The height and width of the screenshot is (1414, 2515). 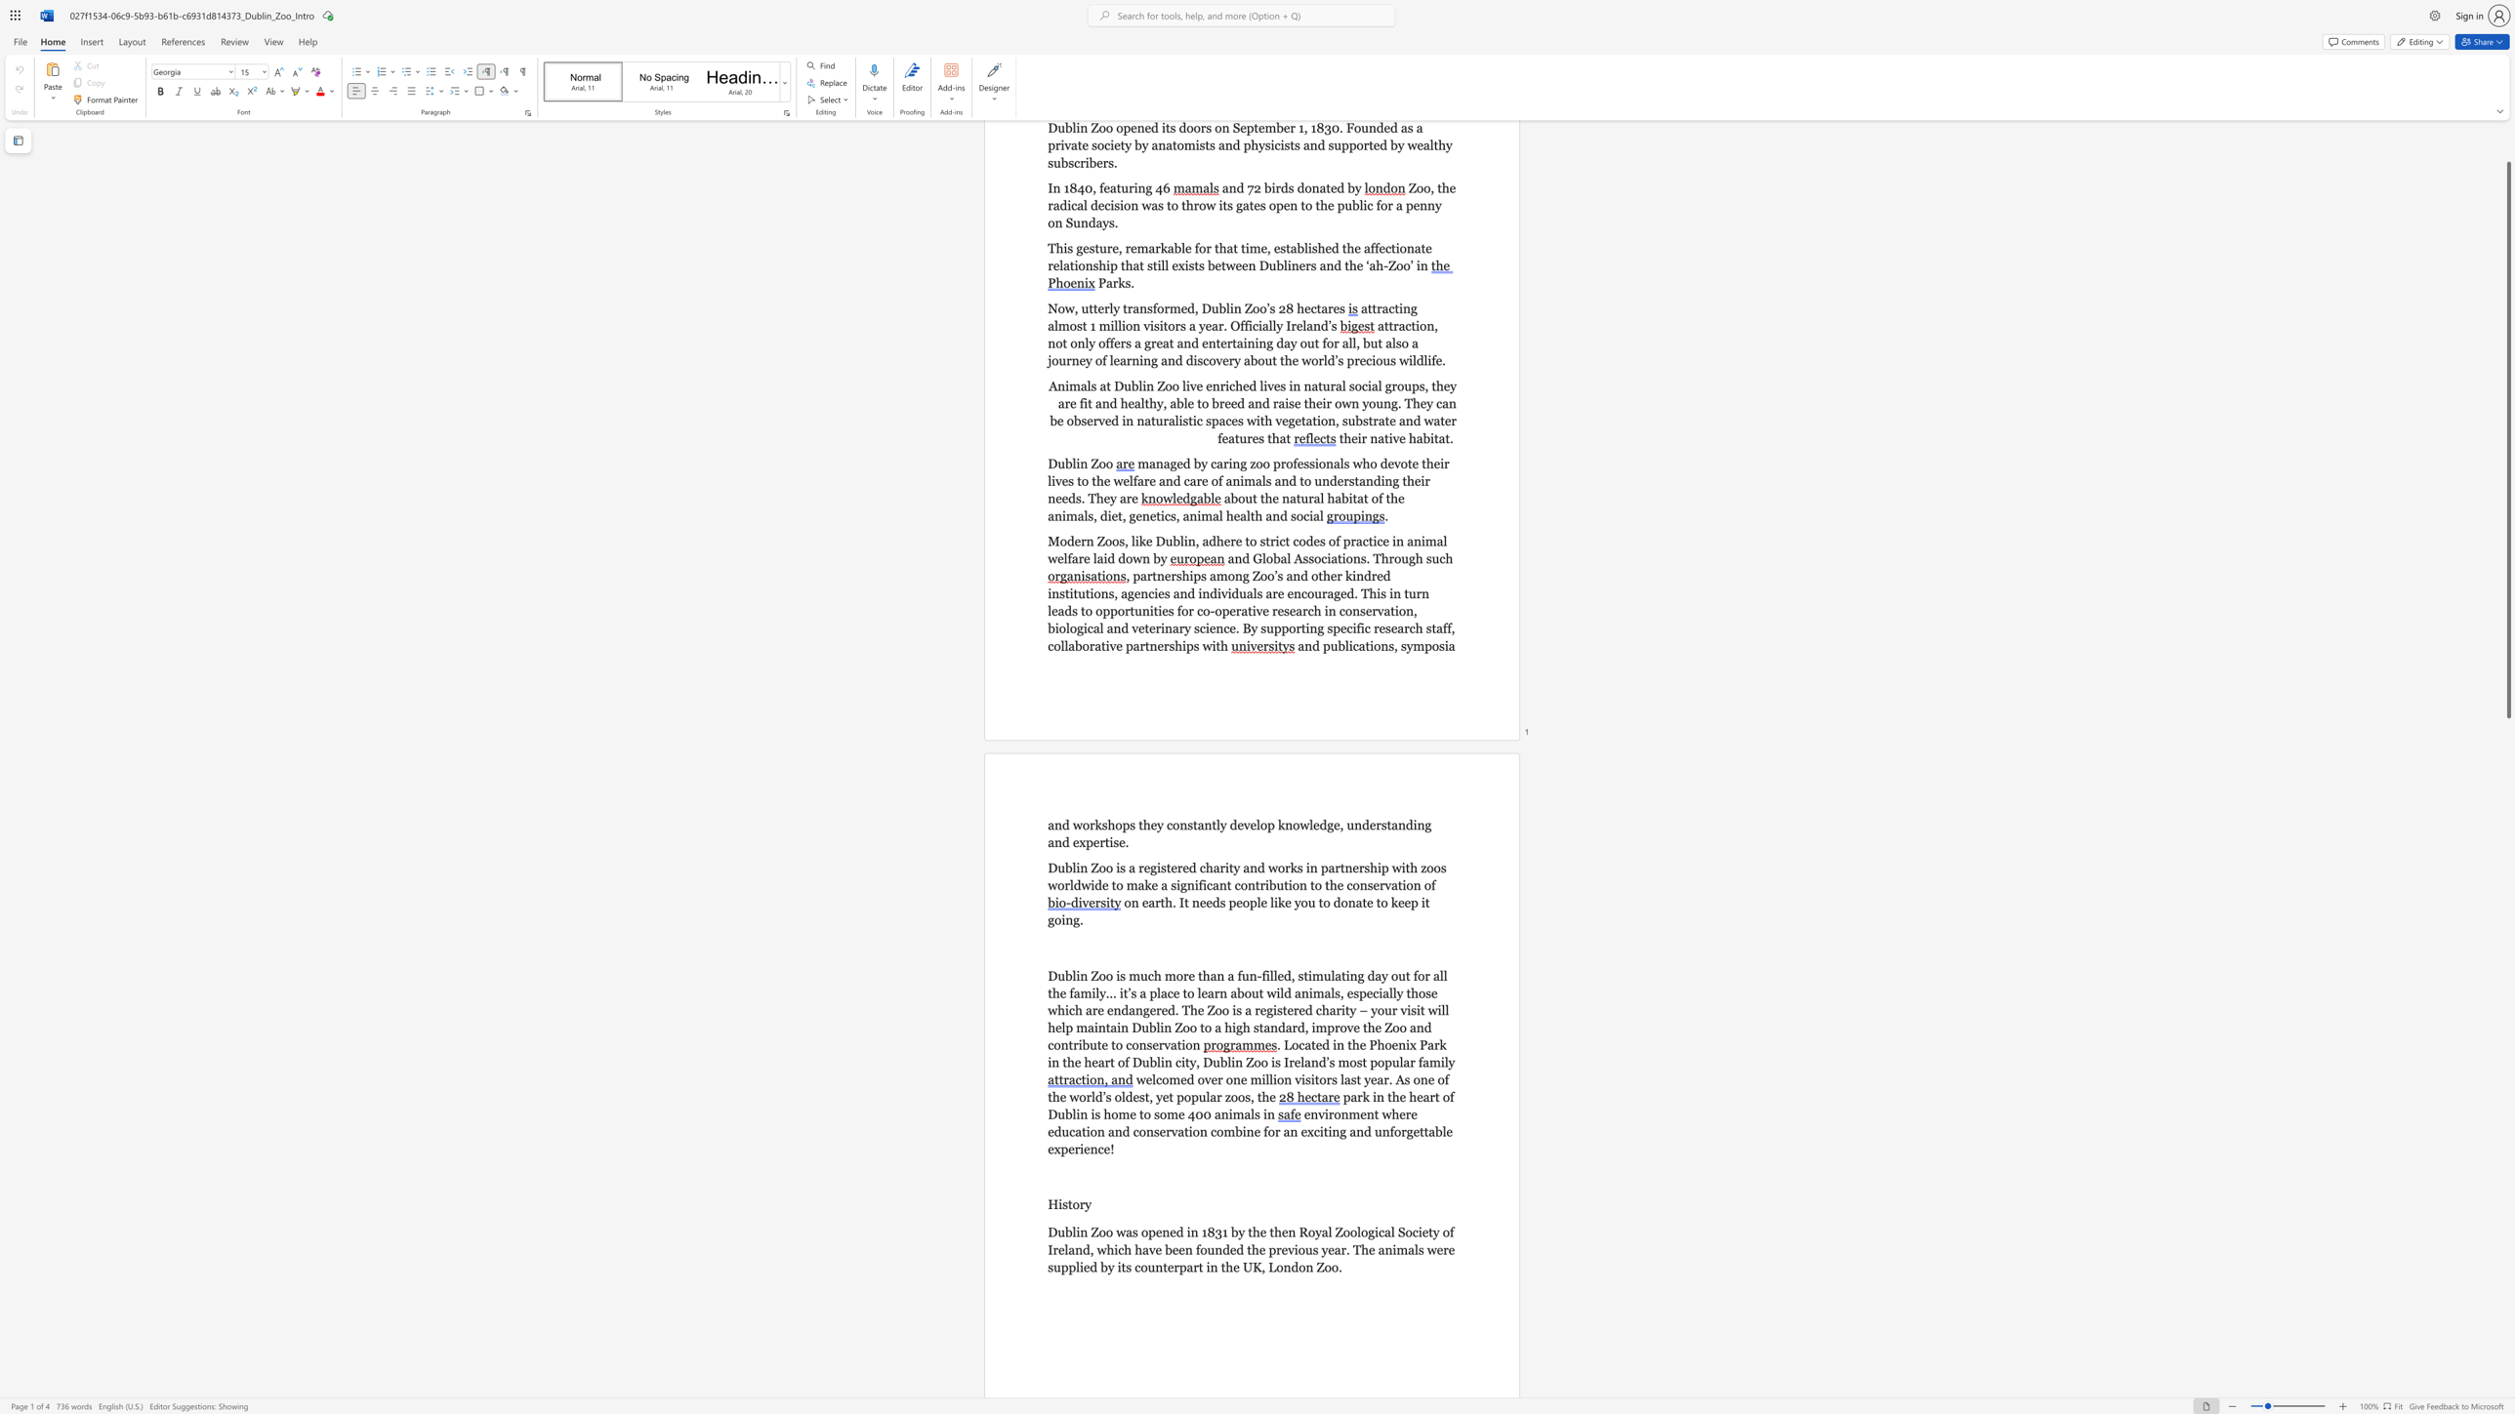 What do you see at coordinates (1141, 558) in the screenshot?
I see `the subset text "n by" within the text "Modern Zoos, like Dublin, adhere to strict codes of practice in animal welfare laid down by"` at bounding box center [1141, 558].